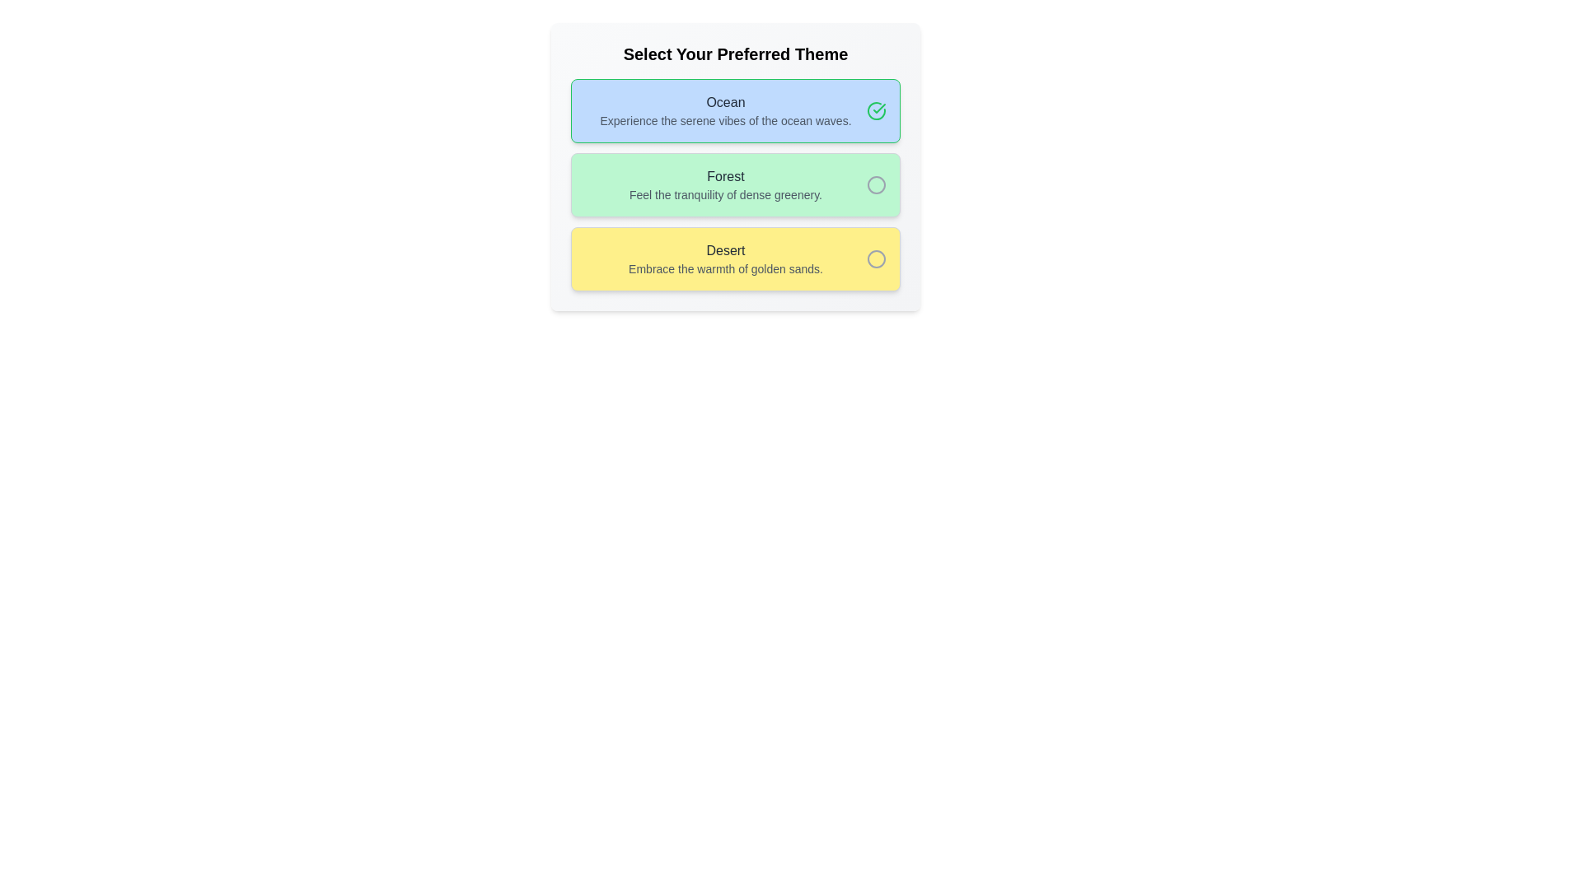 The width and height of the screenshot is (1582, 889). What do you see at coordinates (725, 119) in the screenshot?
I see `the text label that describes the 'Ocean' selection option, which is positioned centrally within the theme selection interface` at bounding box center [725, 119].